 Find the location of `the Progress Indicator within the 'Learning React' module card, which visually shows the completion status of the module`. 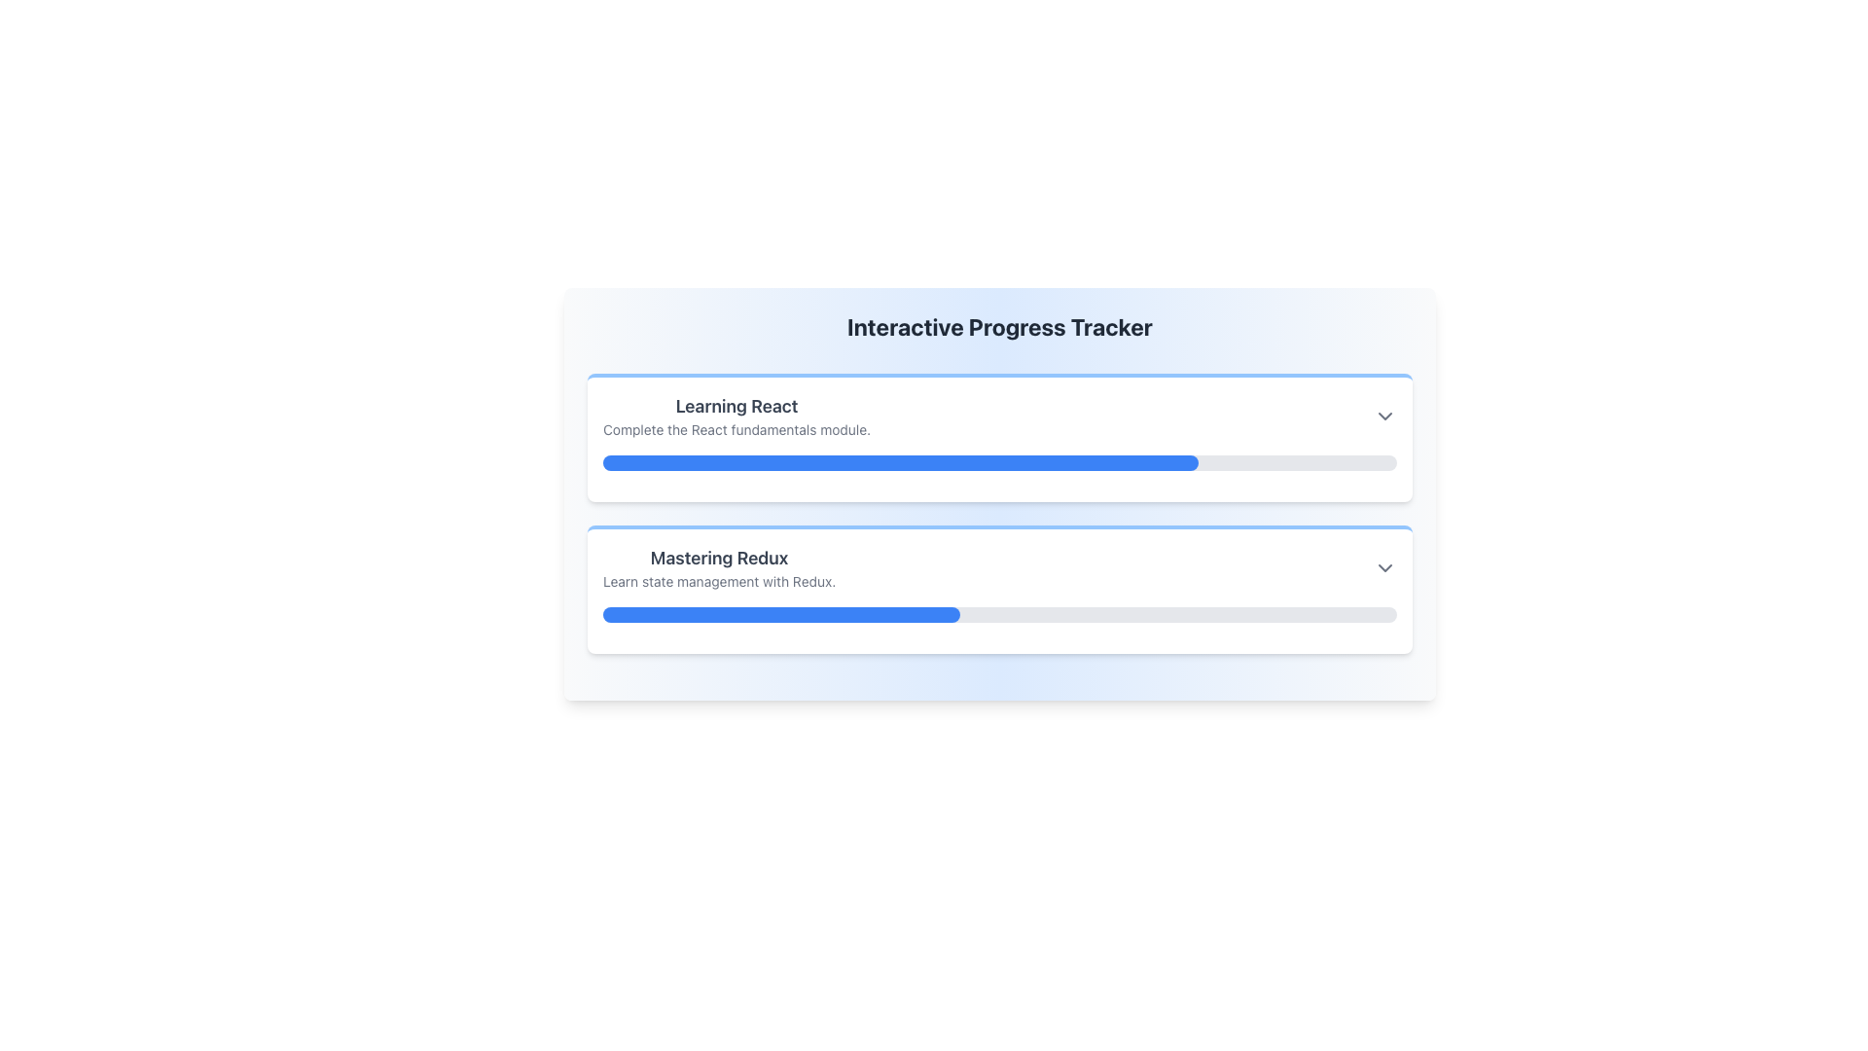

the Progress Indicator within the 'Learning React' module card, which visually shows the completion status of the module is located at coordinates (900, 462).